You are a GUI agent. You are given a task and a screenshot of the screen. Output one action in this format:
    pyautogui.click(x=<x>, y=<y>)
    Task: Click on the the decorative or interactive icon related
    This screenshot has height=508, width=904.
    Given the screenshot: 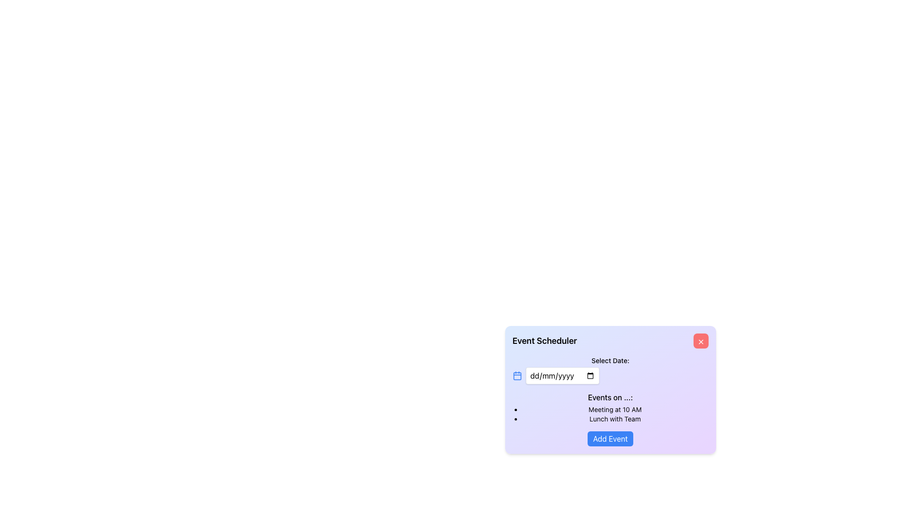 What is the action you would take?
    pyautogui.click(x=517, y=375)
    